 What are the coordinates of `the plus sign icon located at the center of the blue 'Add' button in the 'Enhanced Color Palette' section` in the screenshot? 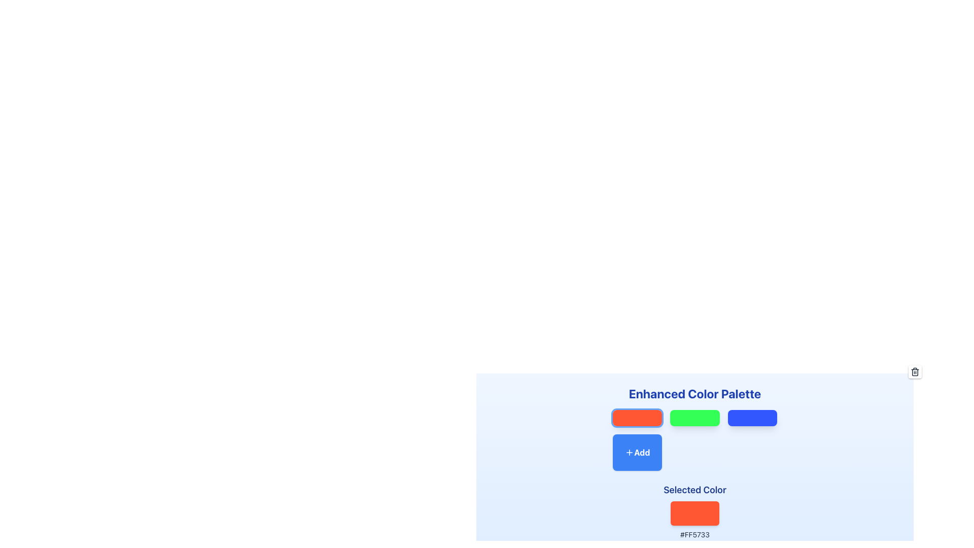 It's located at (629, 452).